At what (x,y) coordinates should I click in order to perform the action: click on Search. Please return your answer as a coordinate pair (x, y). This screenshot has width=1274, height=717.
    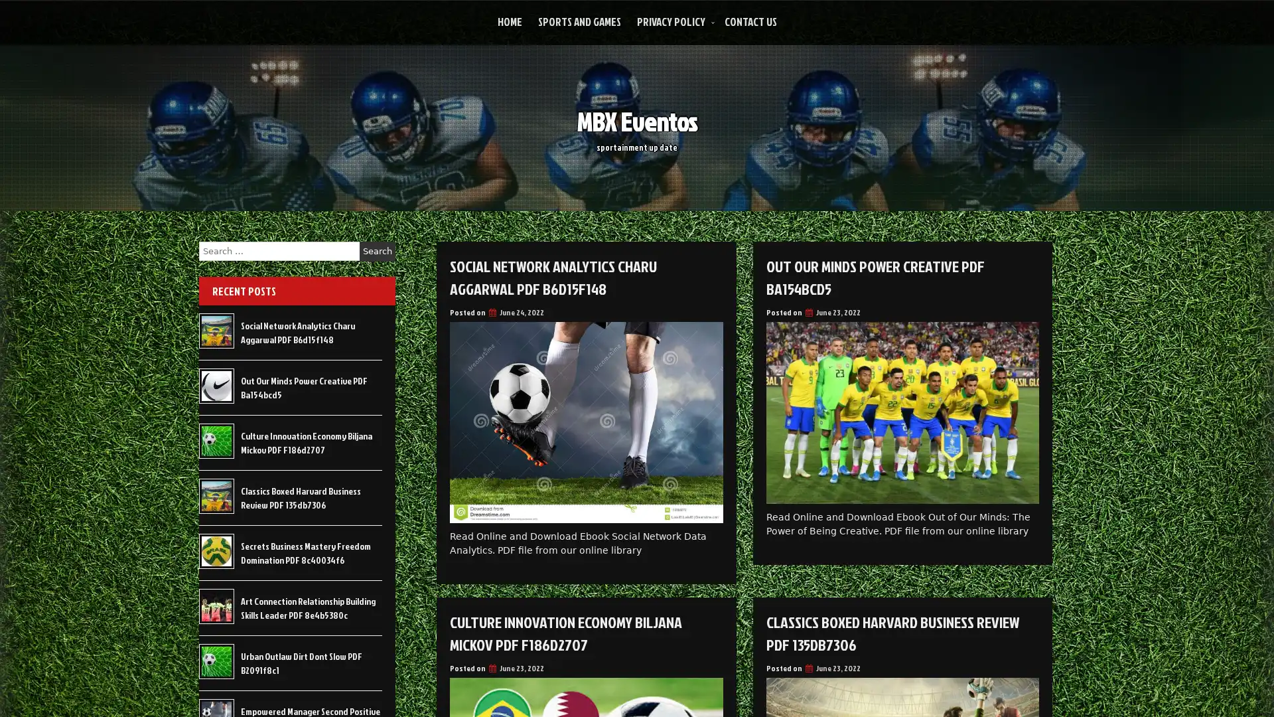
    Looking at the image, I should click on (377, 251).